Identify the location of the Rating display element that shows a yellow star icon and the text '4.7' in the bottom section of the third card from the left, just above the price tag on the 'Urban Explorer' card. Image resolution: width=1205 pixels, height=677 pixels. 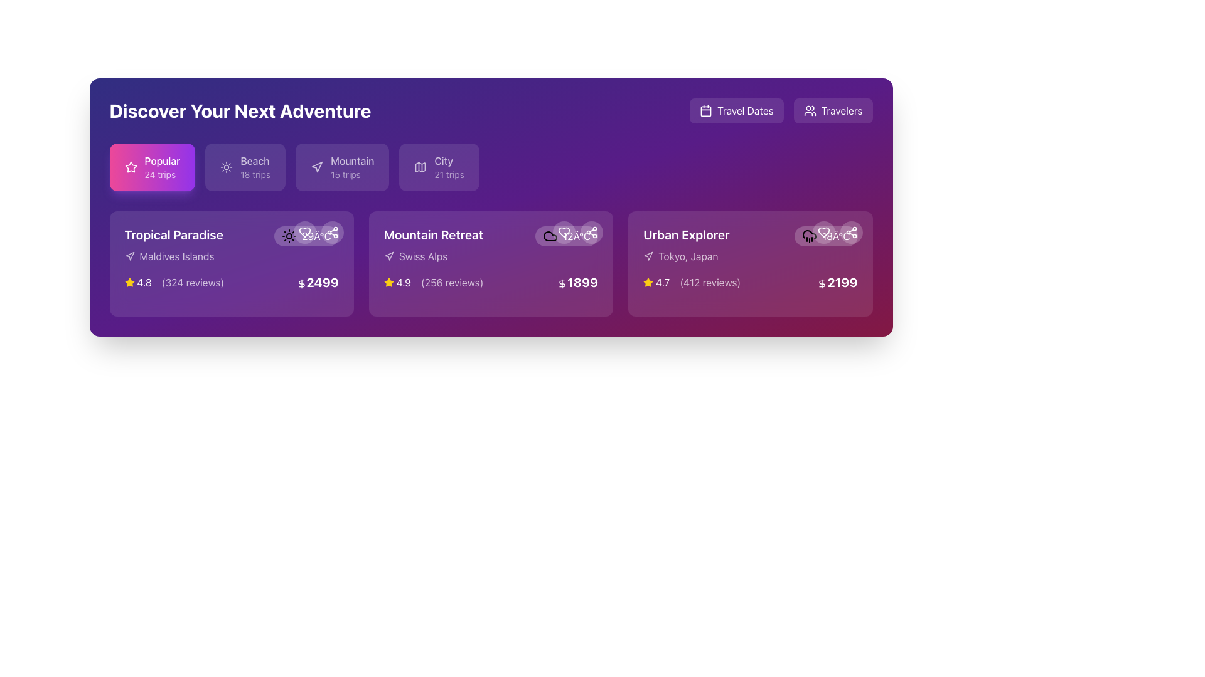
(691, 283).